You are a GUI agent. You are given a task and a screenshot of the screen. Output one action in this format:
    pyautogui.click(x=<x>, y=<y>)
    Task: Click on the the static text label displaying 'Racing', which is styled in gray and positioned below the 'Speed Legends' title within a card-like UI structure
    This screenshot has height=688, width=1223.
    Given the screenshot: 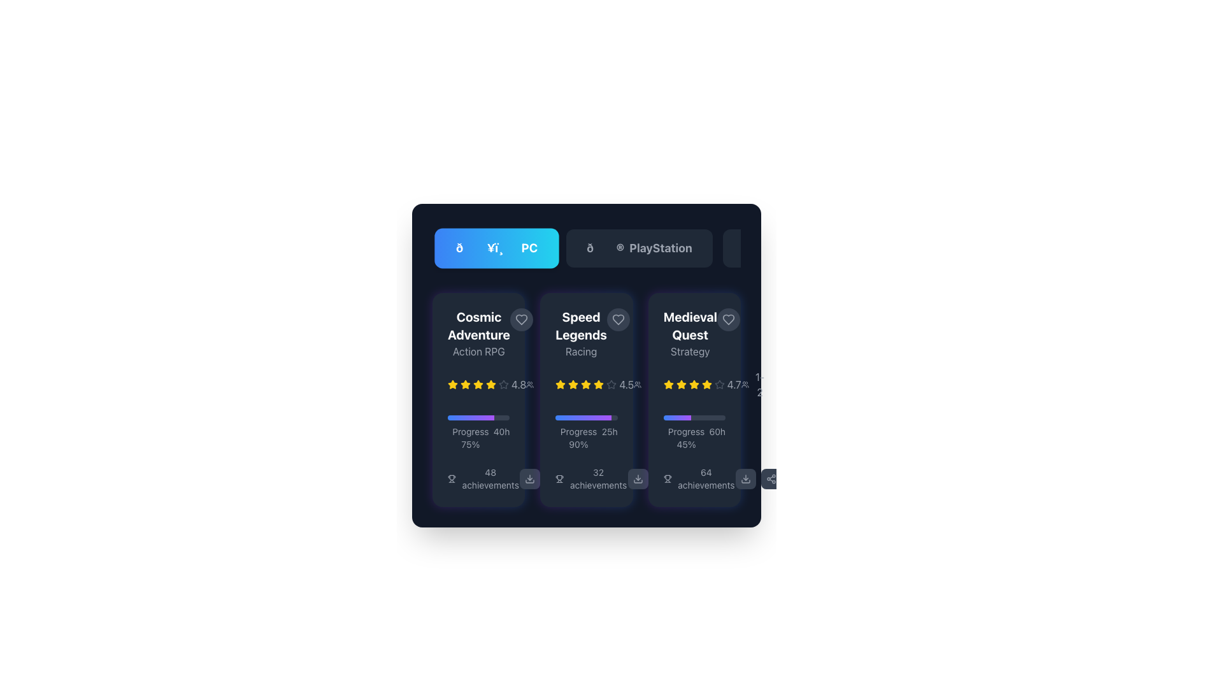 What is the action you would take?
    pyautogui.click(x=580, y=351)
    